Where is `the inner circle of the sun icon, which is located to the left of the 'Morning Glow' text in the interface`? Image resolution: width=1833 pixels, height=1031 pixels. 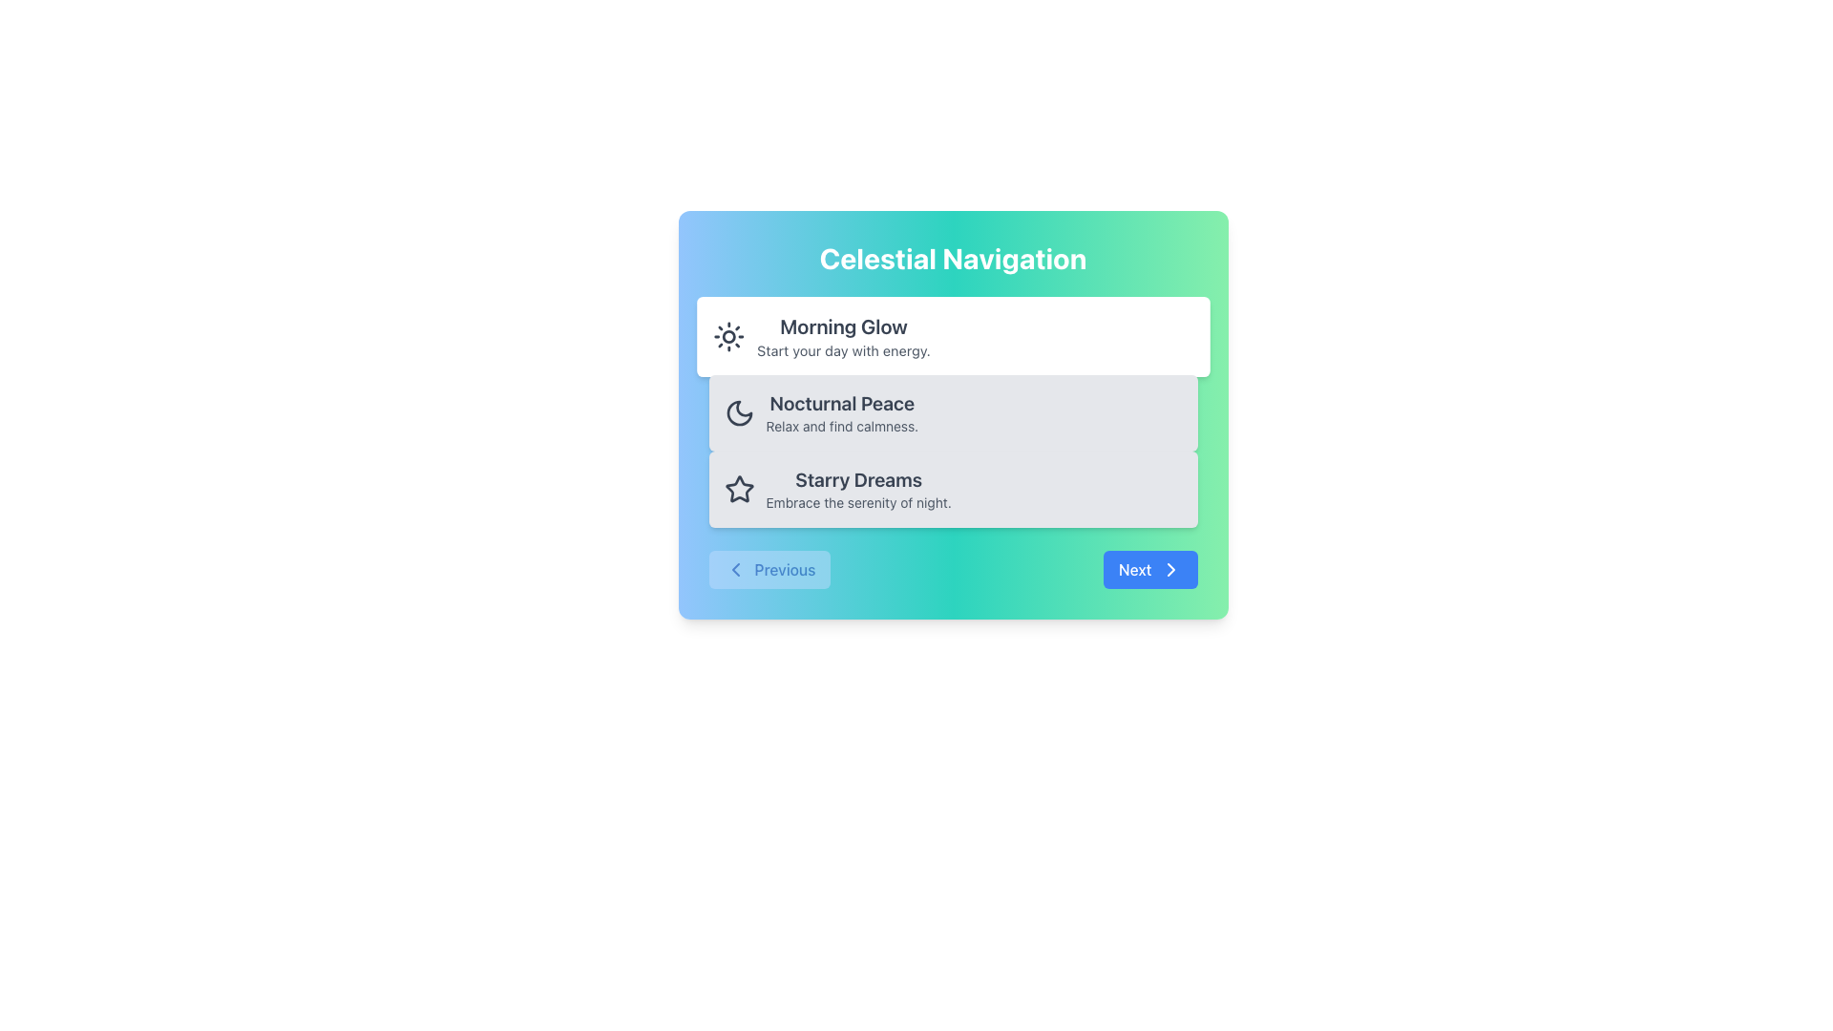
the inner circle of the sun icon, which is located to the left of the 'Morning Glow' text in the interface is located at coordinates (727, 336).